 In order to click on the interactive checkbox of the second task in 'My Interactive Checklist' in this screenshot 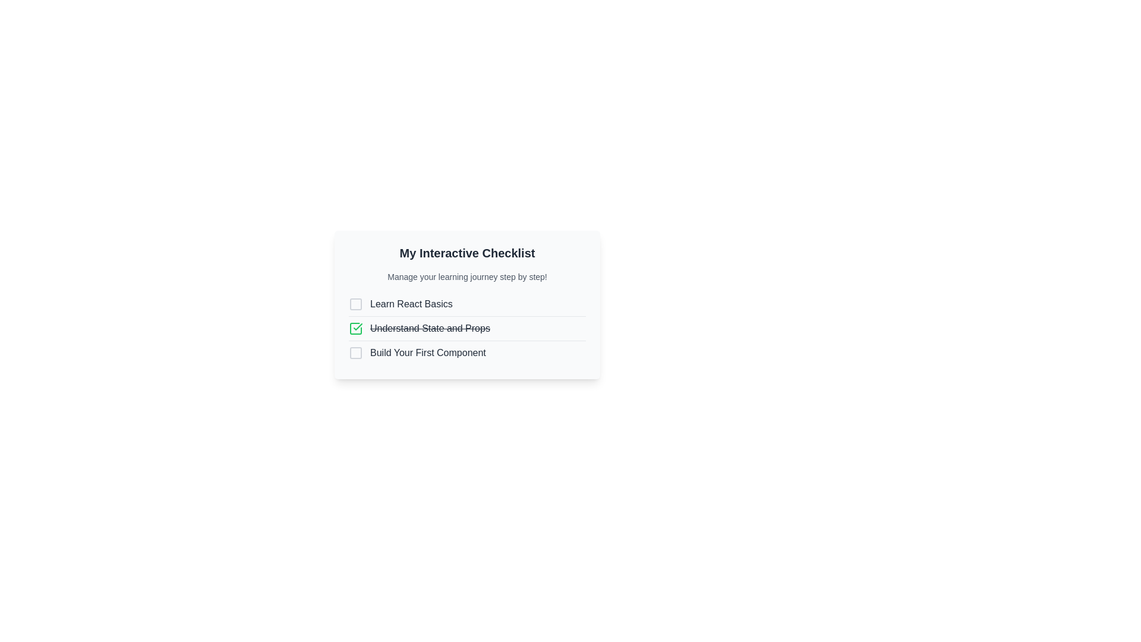, I will do `click(467, 328)`.